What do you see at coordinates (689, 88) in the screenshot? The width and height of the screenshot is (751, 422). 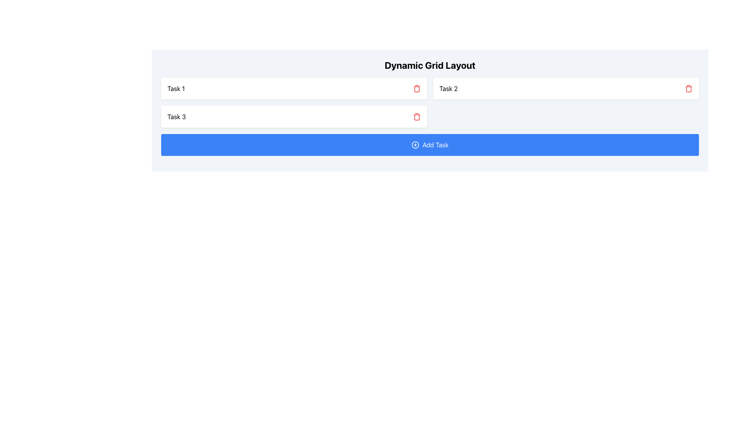 I see `the delete button icon located to the far right of 'Task 2'` at bounding box center [689, 88].